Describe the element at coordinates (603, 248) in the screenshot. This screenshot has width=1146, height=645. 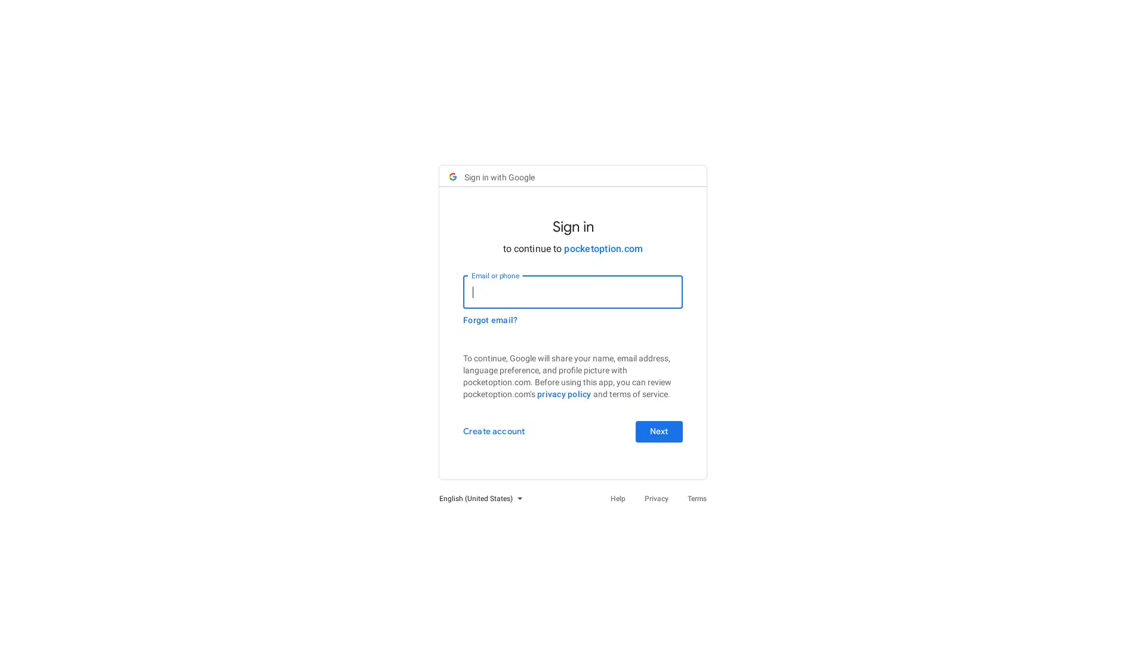
I see `pocketoption.com` at that location.